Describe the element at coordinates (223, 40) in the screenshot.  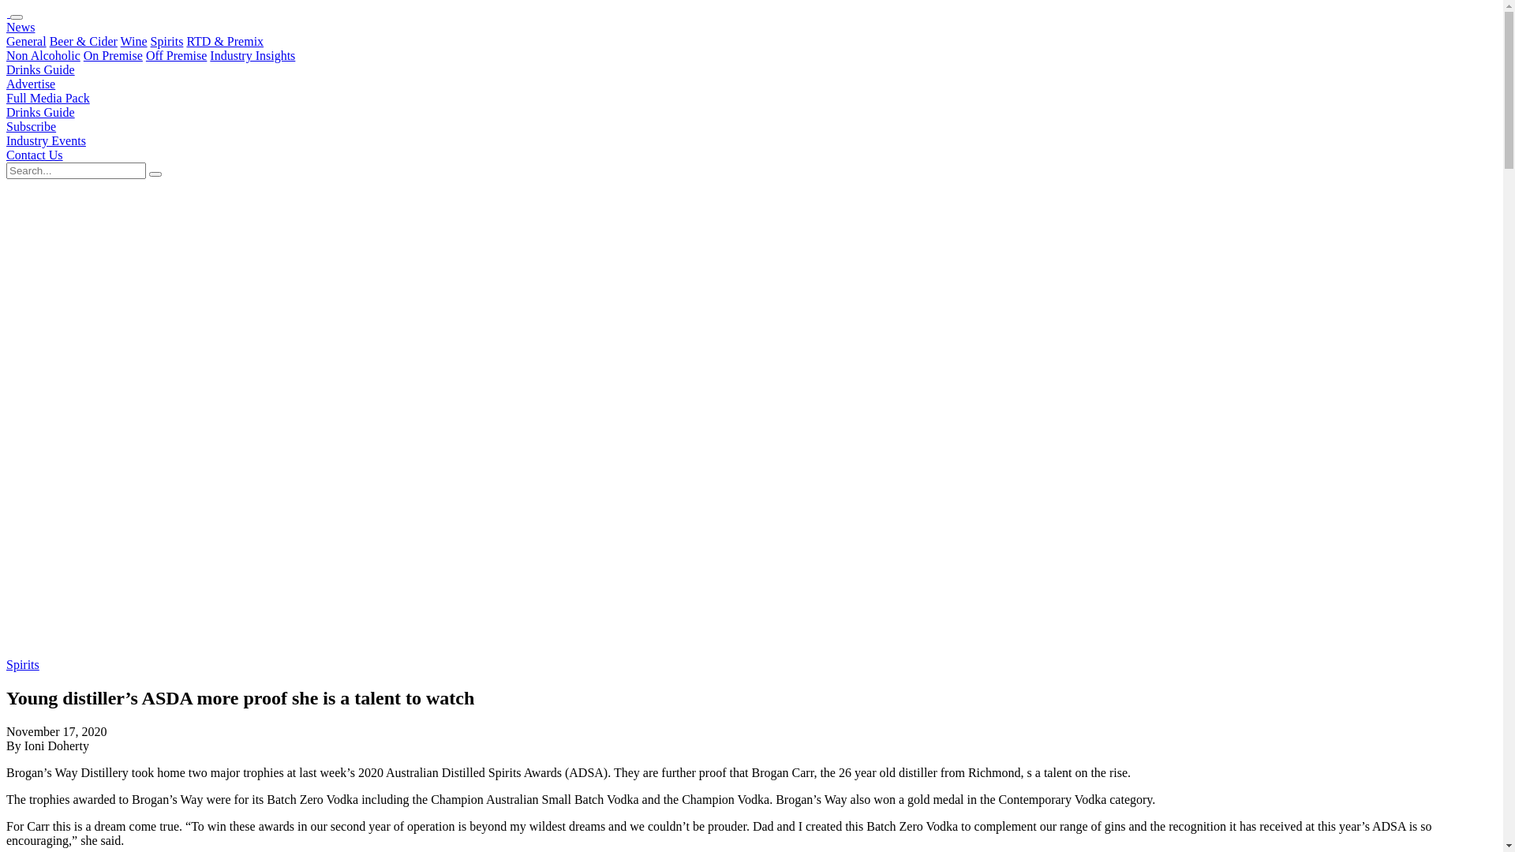
I see `'RTD & Premix'` at that location.